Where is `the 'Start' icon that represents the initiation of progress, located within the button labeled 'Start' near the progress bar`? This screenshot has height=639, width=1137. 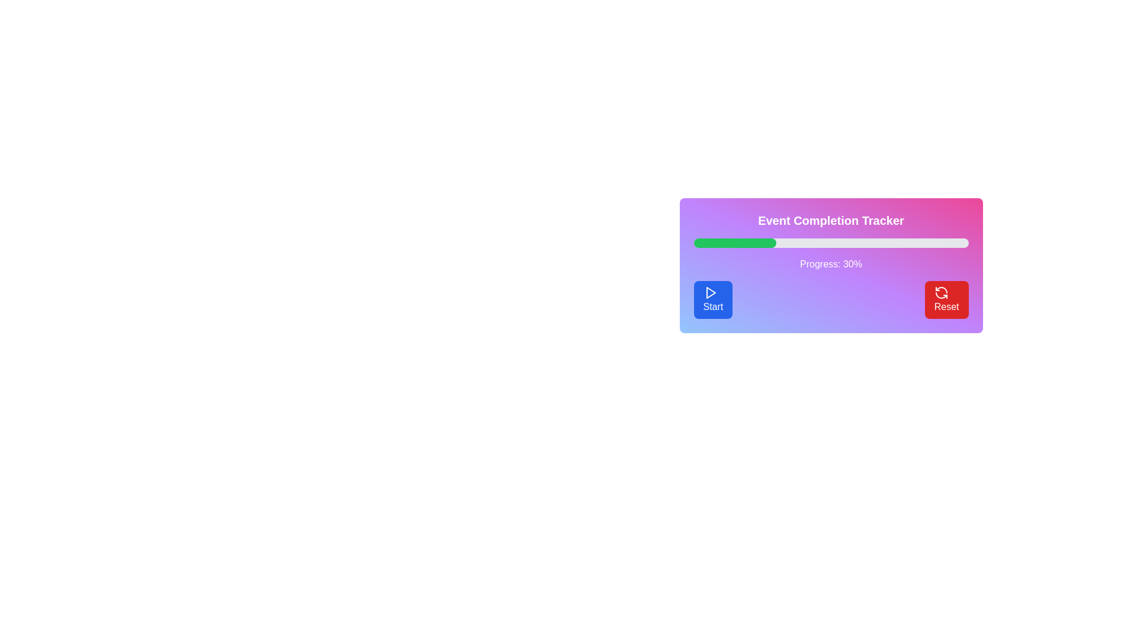 the 'Start' icon that represents the initiation of progress, located within the button labeled 'Start' near the progress bar is located at coordinates (711, 292).